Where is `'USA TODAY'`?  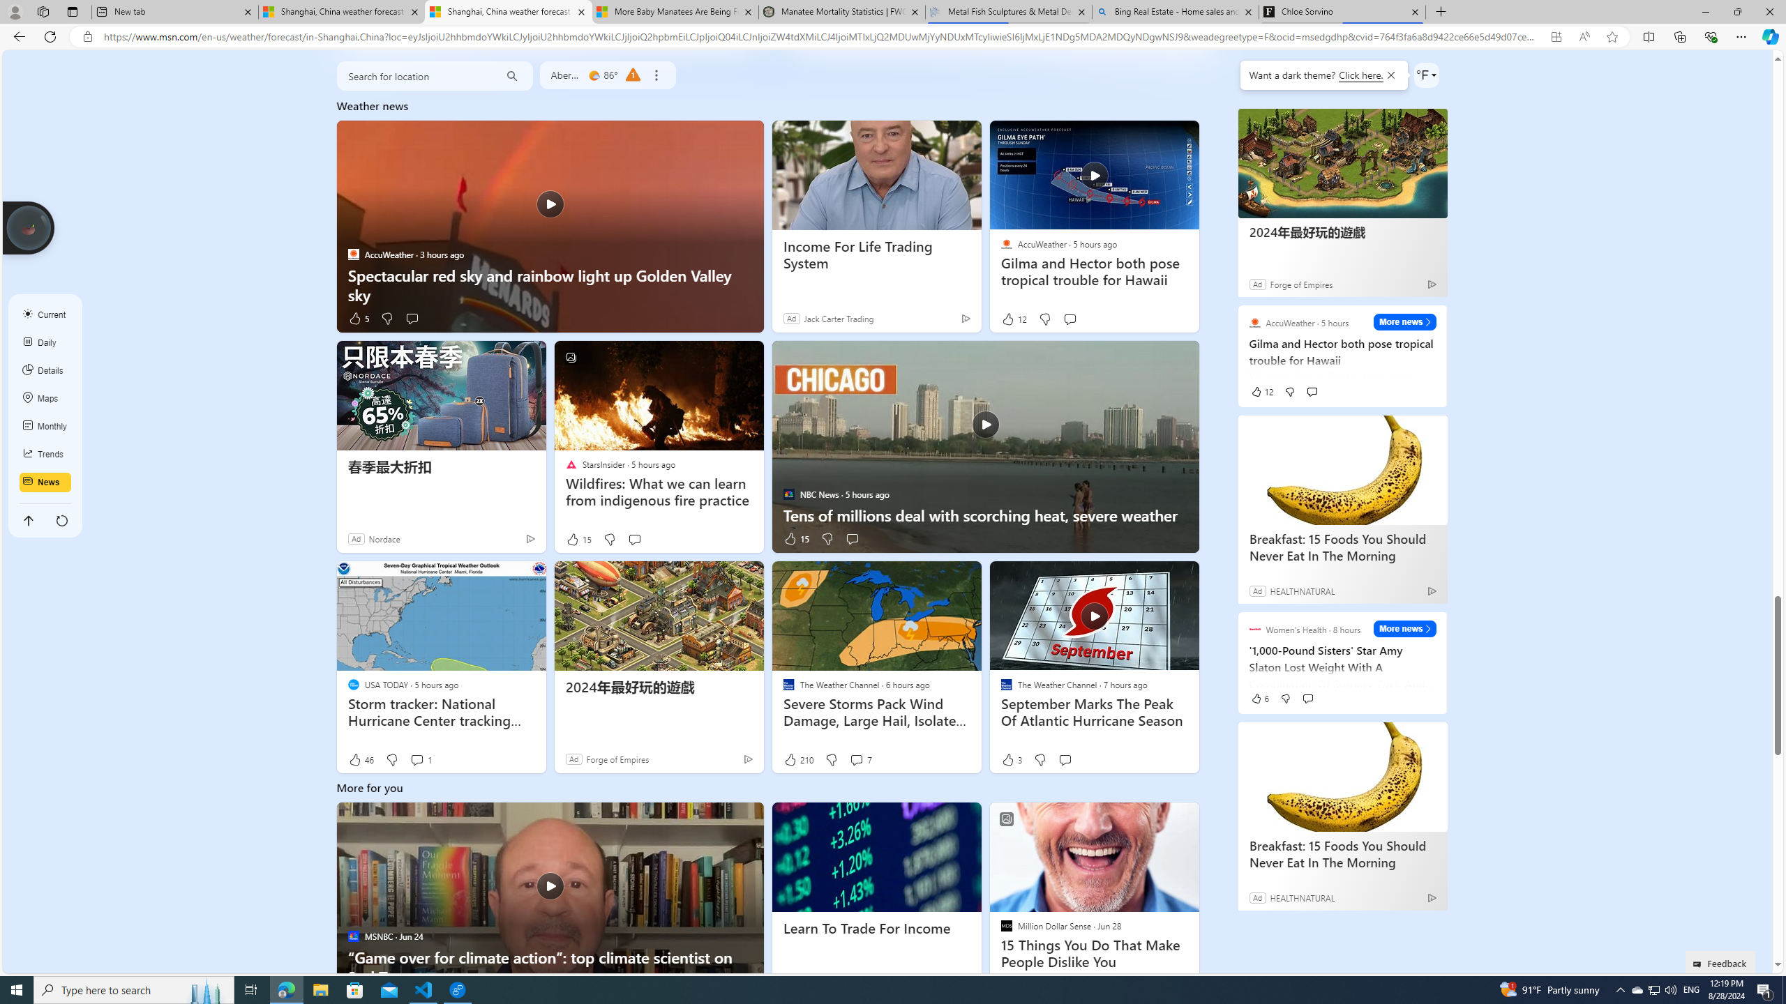
'USA TODAY' is located at coordinates (352, 684).